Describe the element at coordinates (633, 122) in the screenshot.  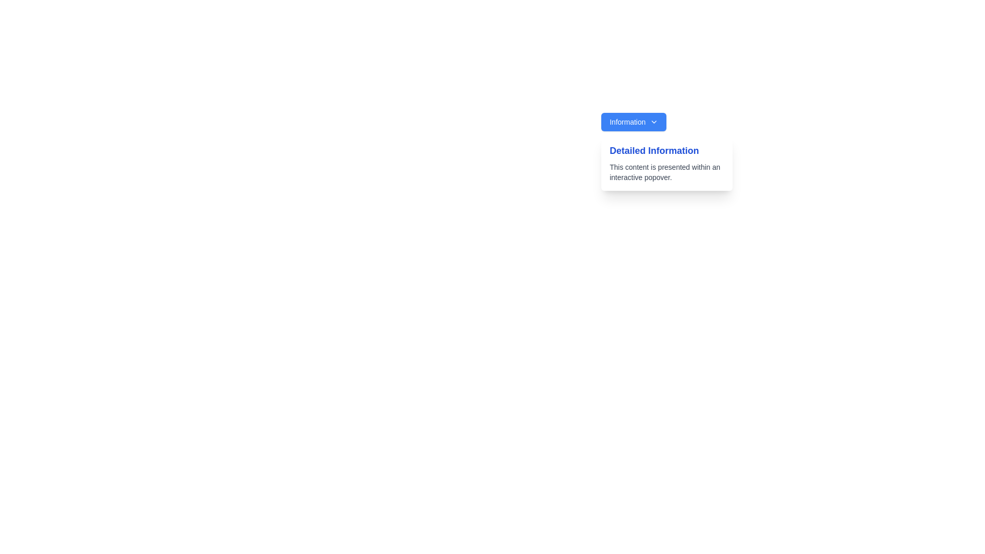
I see `the Button with dropdown icon` at that location.